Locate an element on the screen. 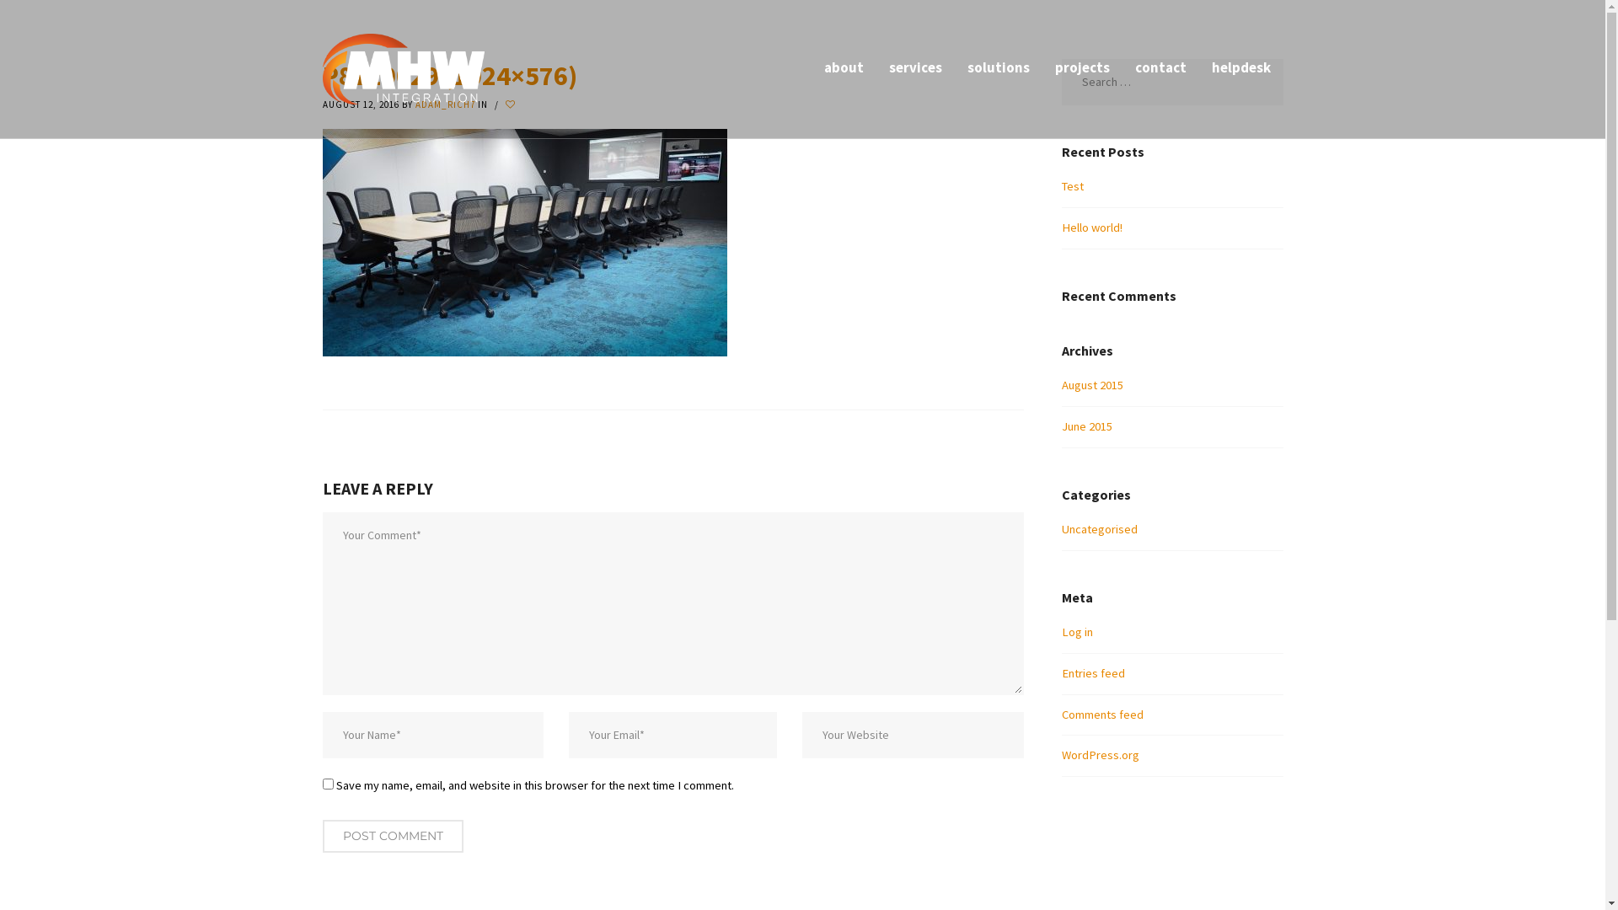  'August 2015' is located at coordinates (1092, 384).